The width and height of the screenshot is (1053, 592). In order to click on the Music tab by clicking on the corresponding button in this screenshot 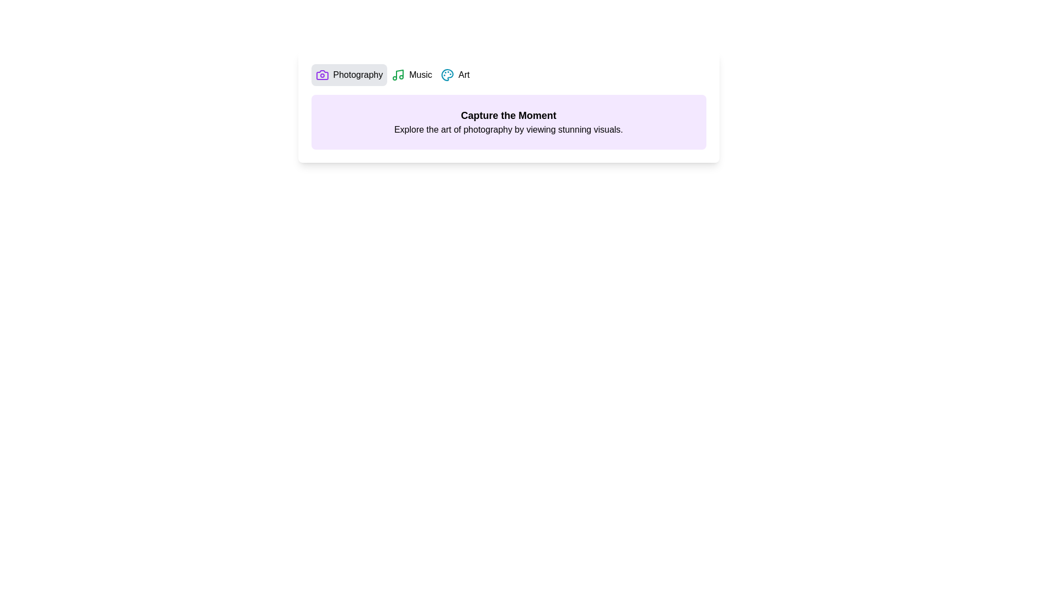, I will do `click(411, 75)`.